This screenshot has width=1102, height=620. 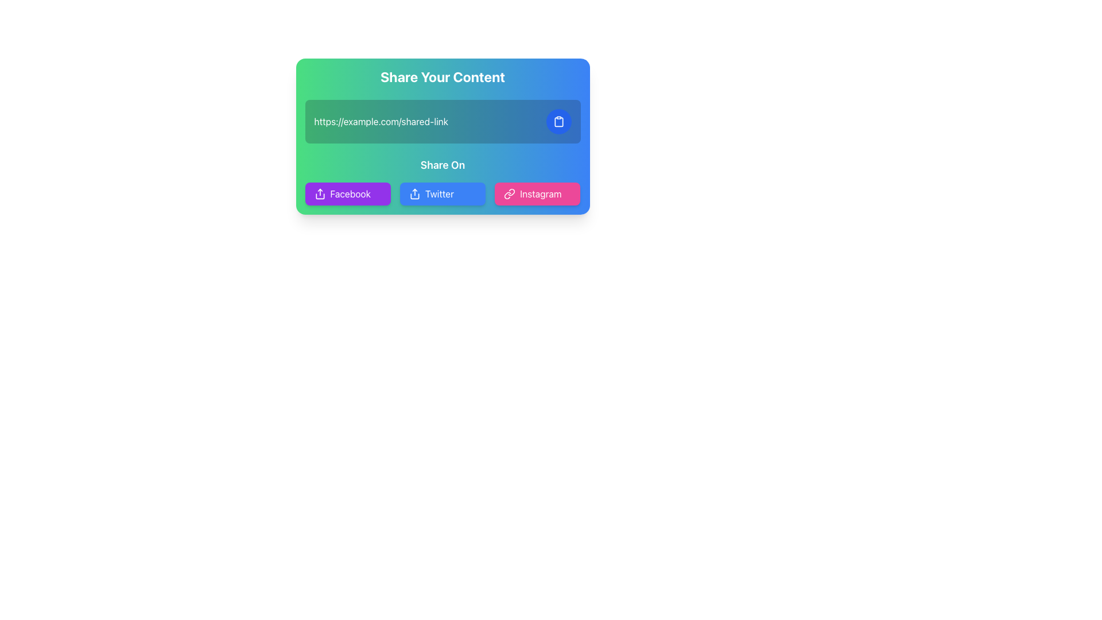 I want to click on the leftmost Text Input Field, so click(x=426, y=122).